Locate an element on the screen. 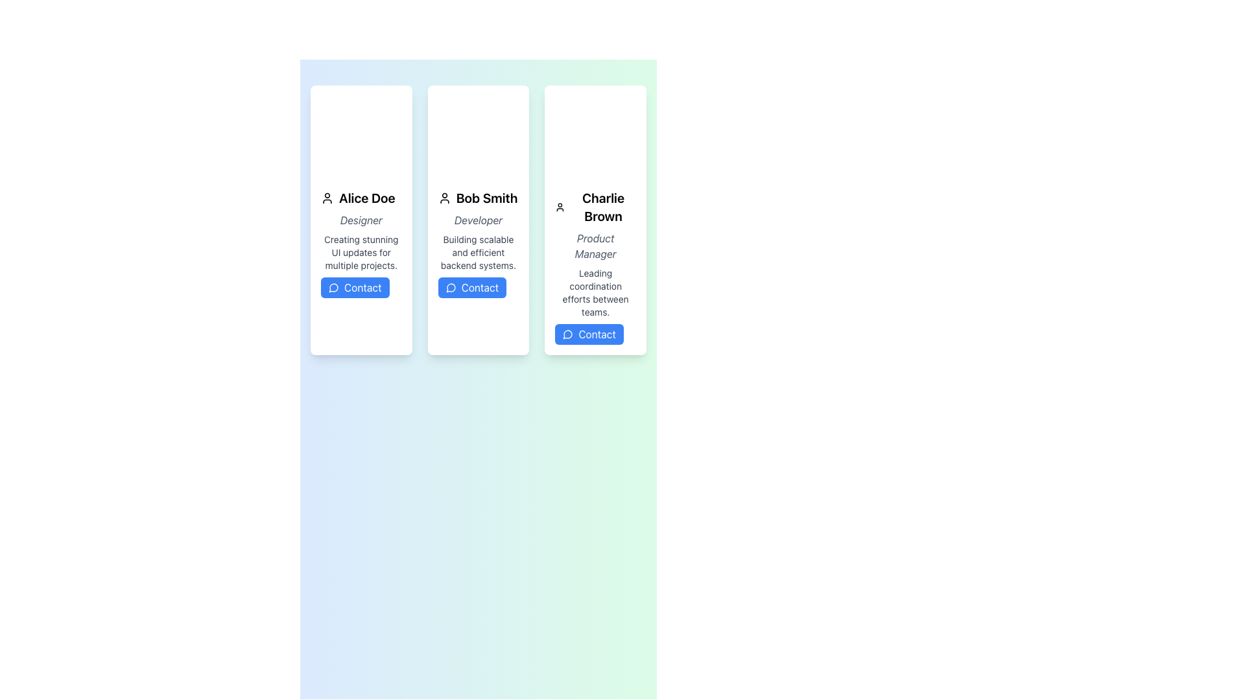  the text label 'Alice Doe' which is prominently styled in bold font and located in the header section of the first card in a grid layout is located at coordinates (361, 198).